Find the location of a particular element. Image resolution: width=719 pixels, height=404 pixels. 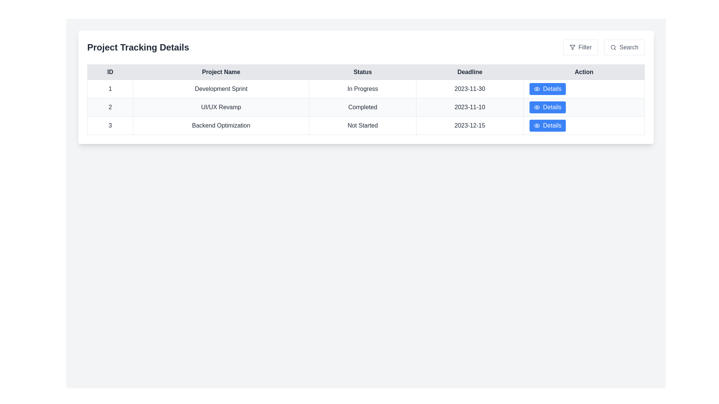

the Text label in the third row under the 'Status' column, which indicates the current completion state of the associated project is located at coordinates (362, 125).